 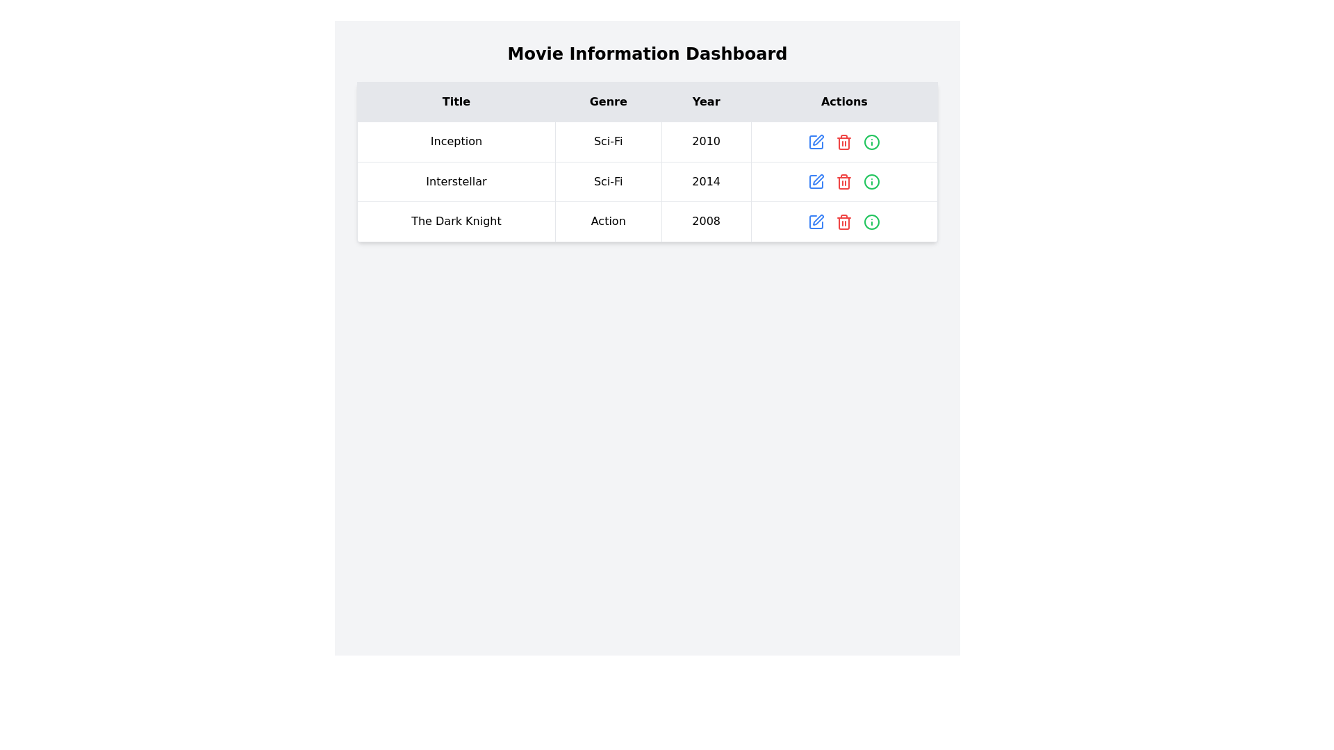 What do you see at coordinates (646, 181) in the screenshot?
I see `the second row of the main data table that displays movie entry details` at bounding box center [646, 181].